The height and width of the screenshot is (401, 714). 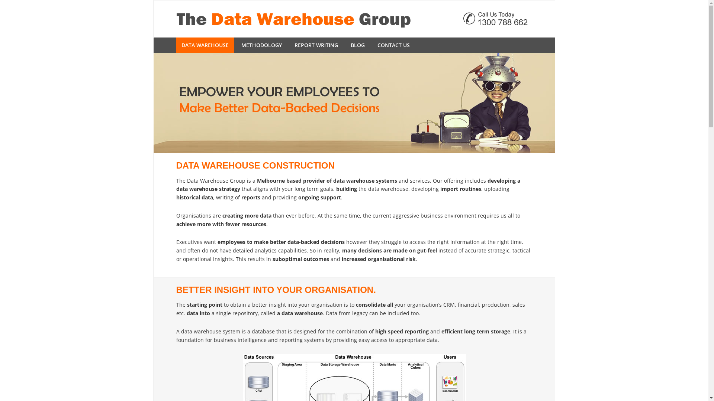 What do you see at coordinates (393, 45) in the screenshot?
I see `'CONTACT US'` at bounding box center [393, 45].